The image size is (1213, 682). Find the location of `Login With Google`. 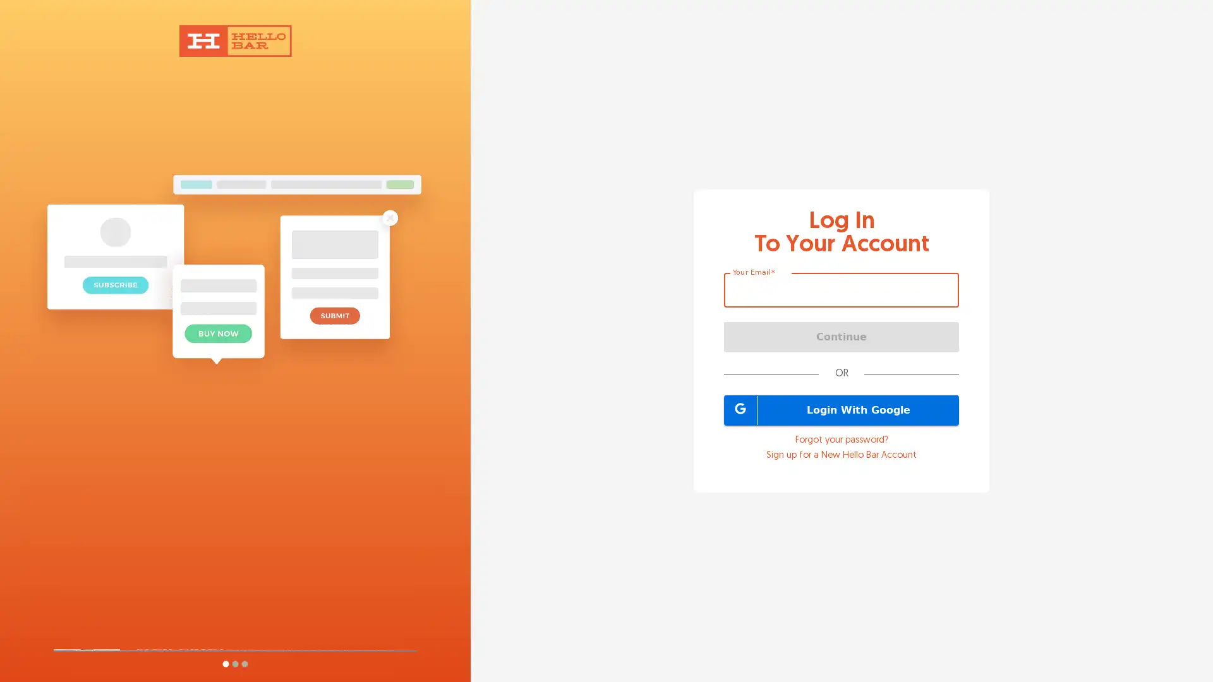

Login With Google is located at coordinates (842, 409).